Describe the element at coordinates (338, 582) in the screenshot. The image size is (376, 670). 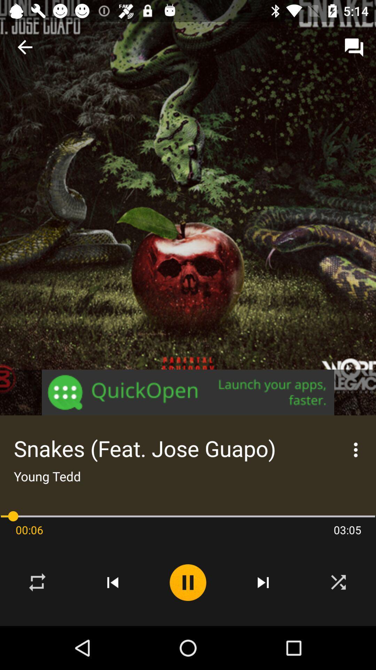
I see `the close icon` at that location.